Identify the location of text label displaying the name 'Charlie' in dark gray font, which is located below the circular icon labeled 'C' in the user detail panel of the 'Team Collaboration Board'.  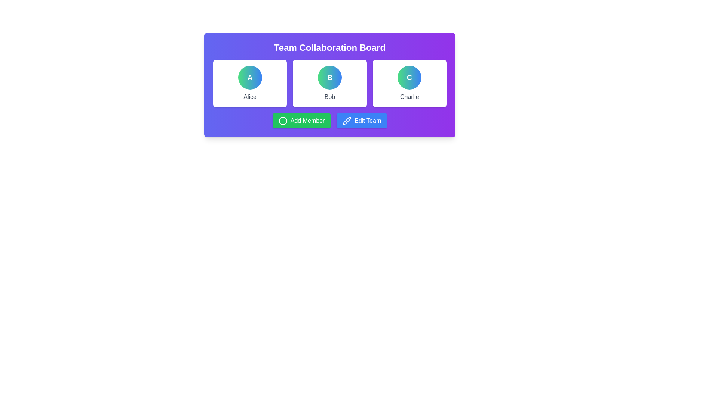
(409, 96).